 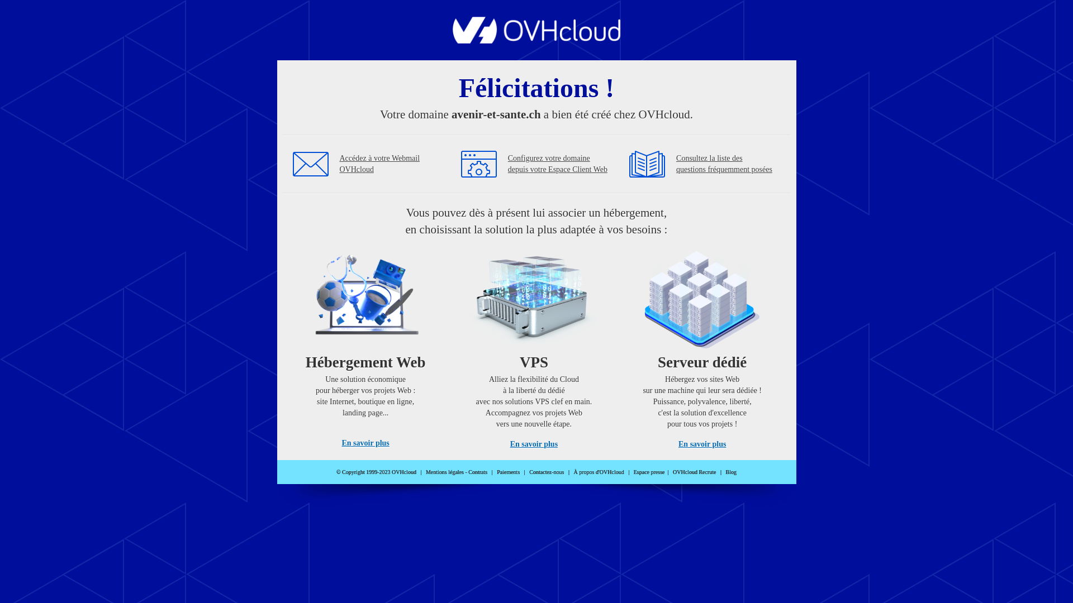 What do you see at coordinates (365, 442) in the screenshot?
I see `'En savoir plus'` at bounding box center [365, 442].